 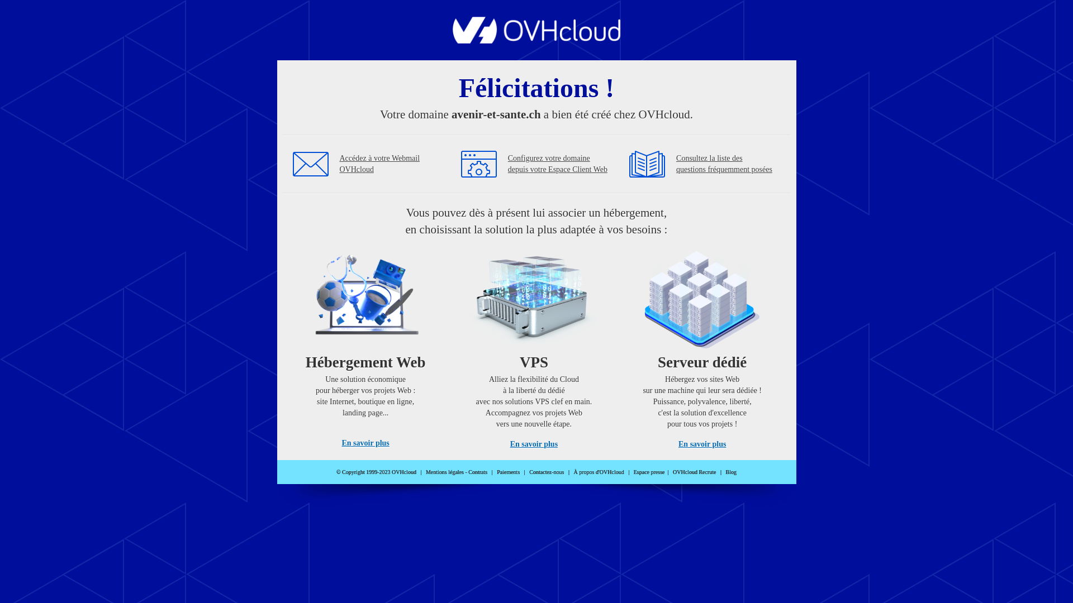 What do you see at coordinates (365, 442) in the screenshot?
I see `'En savoir plus'` at bounding box center [365, 442].